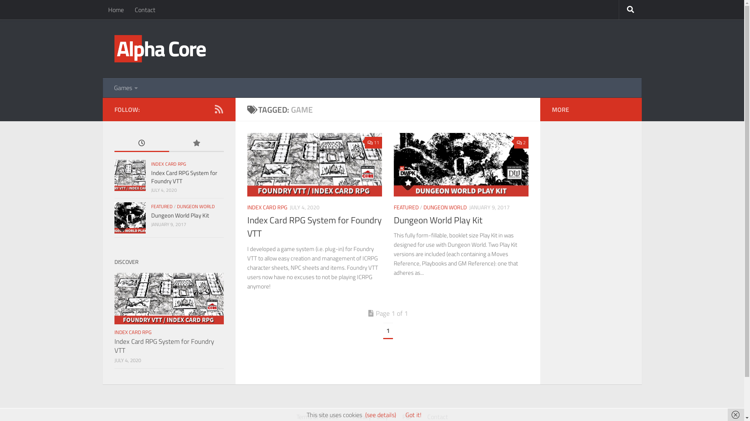 The image size is (750, 421). What do you see at coordinates (214, 109) in the screenshot?
I see `'RSS Feed'` at bounding box center [214, 109].